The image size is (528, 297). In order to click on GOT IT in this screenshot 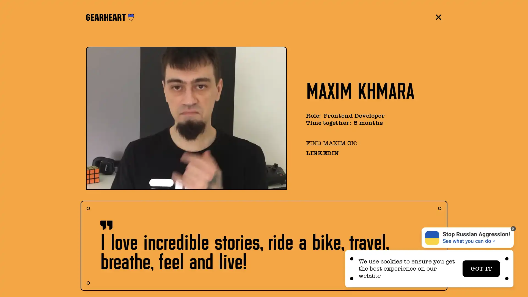, I will do `click(481, 268)`.